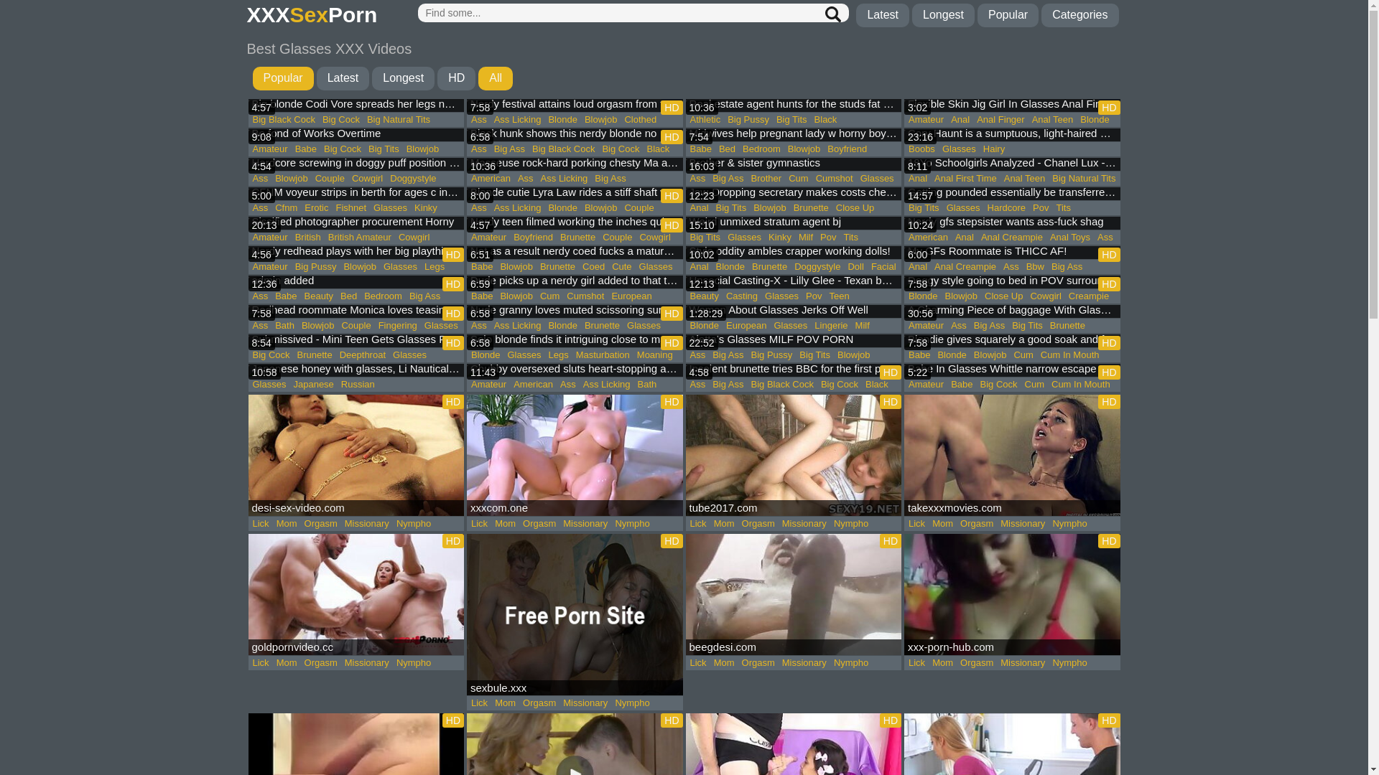  What do you see at coordinates (557, 354) in the screenshot?
I see `'Legs'` at bounding box center [557, 354].